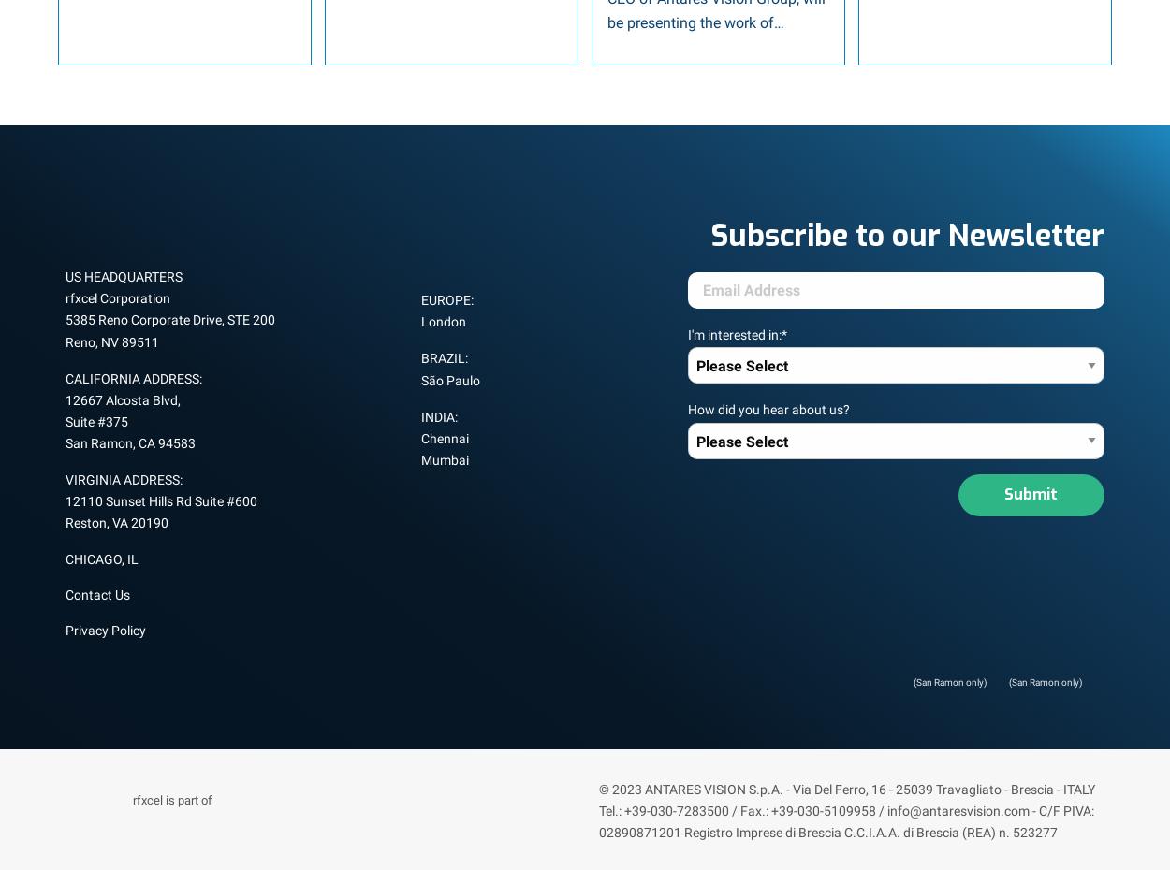  I want to click on 'Privacy Policy', so click(104, 629).